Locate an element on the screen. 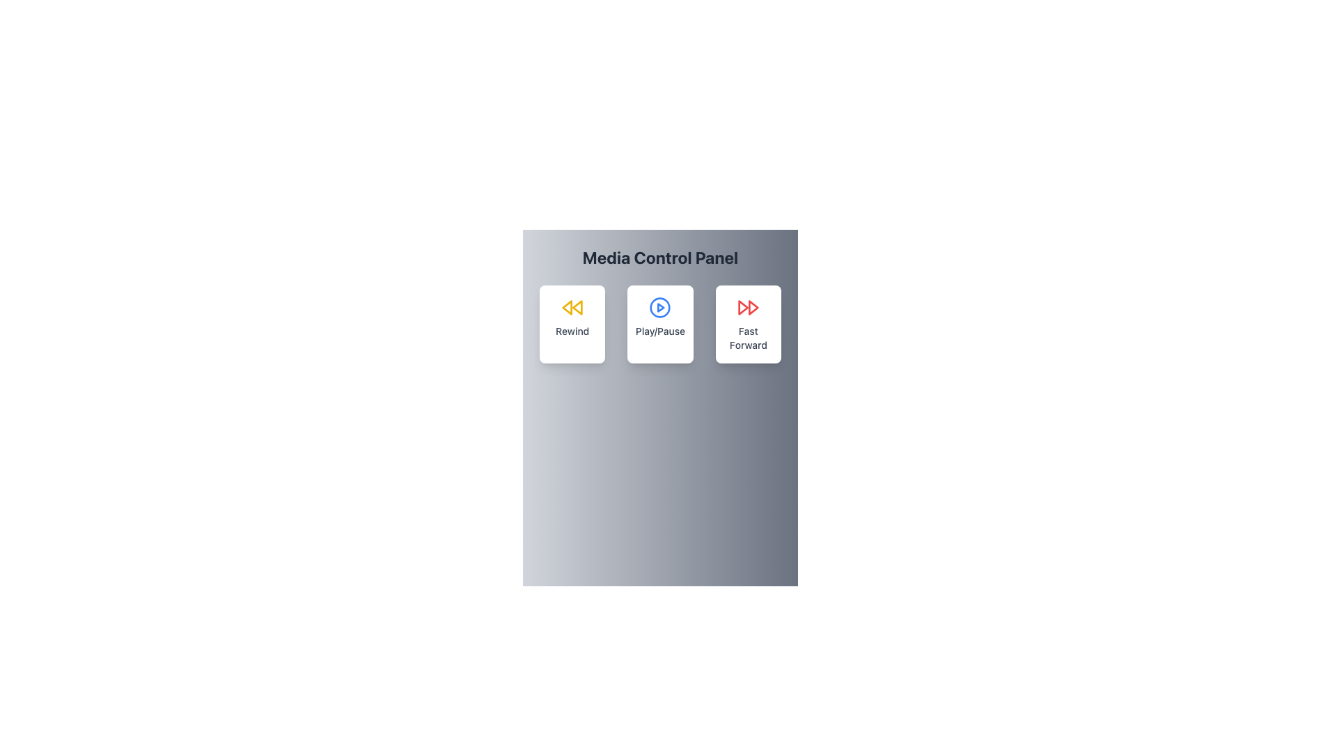 This screenshot has height=752, width=1337. the text label that describes the 'rewind' feature, located directly below the icon of two backward arrows in the first card of a horizontally arranged media control panel is located at coordinates (572, 331).